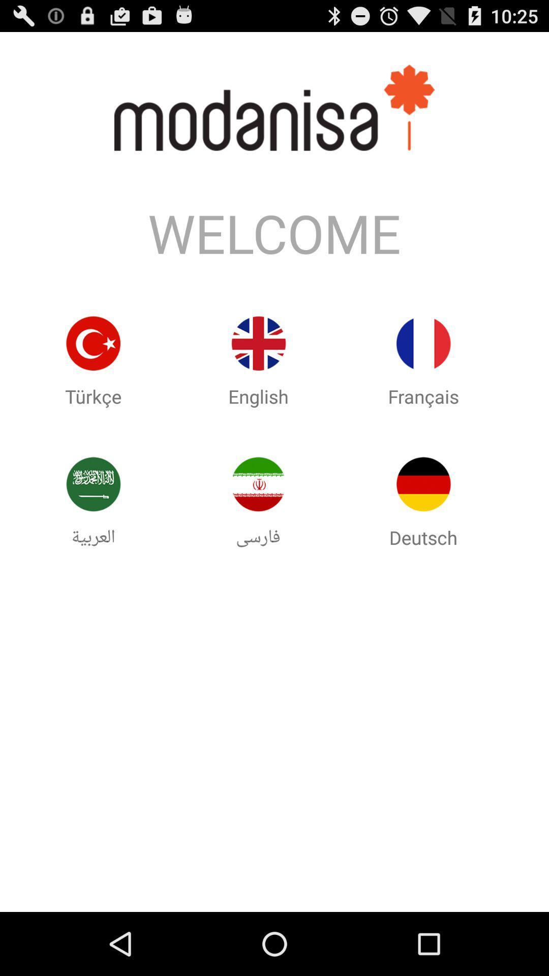 This screenshot has height=976, width=549. Describe the element at coordinates (274, 108) in the screenshot. I see `the text above welcome` at that location.